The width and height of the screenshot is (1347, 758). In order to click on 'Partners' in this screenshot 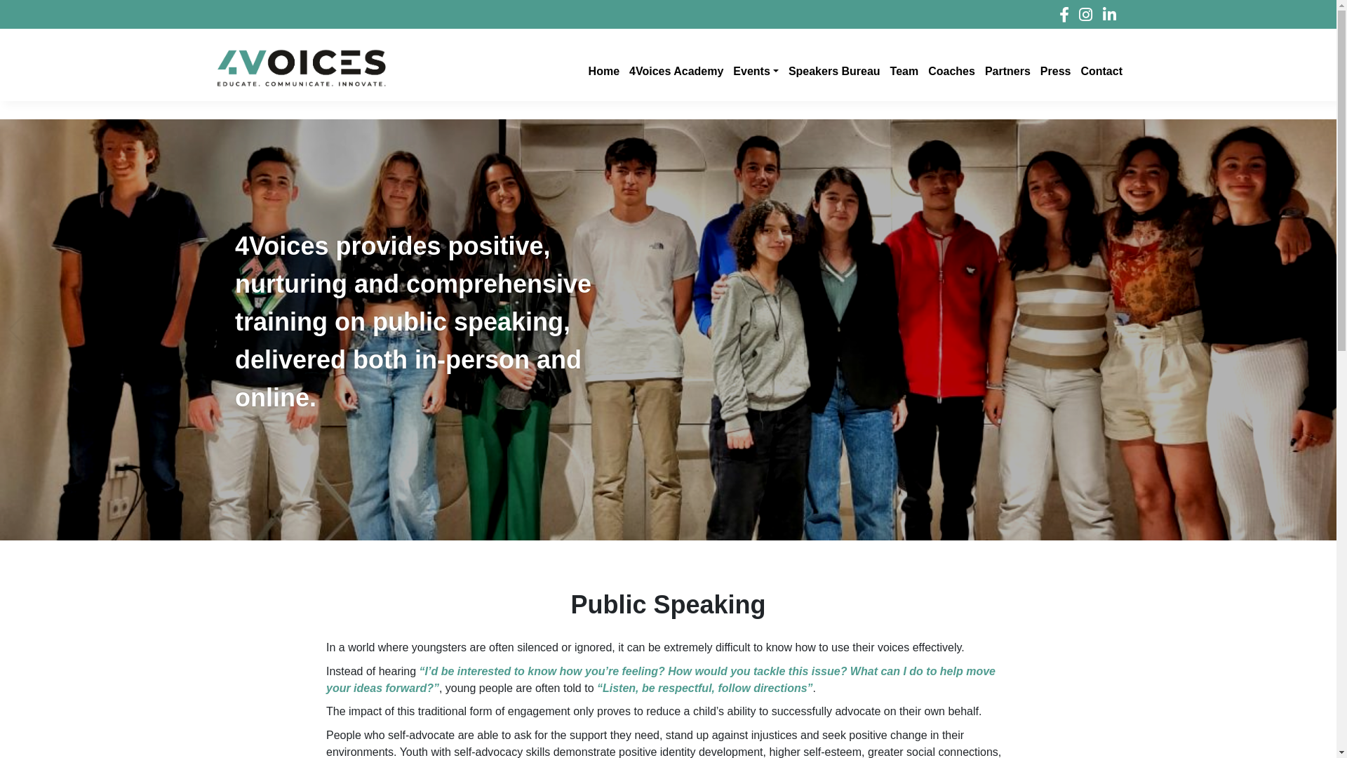, I will do `click(1005, 68)`.